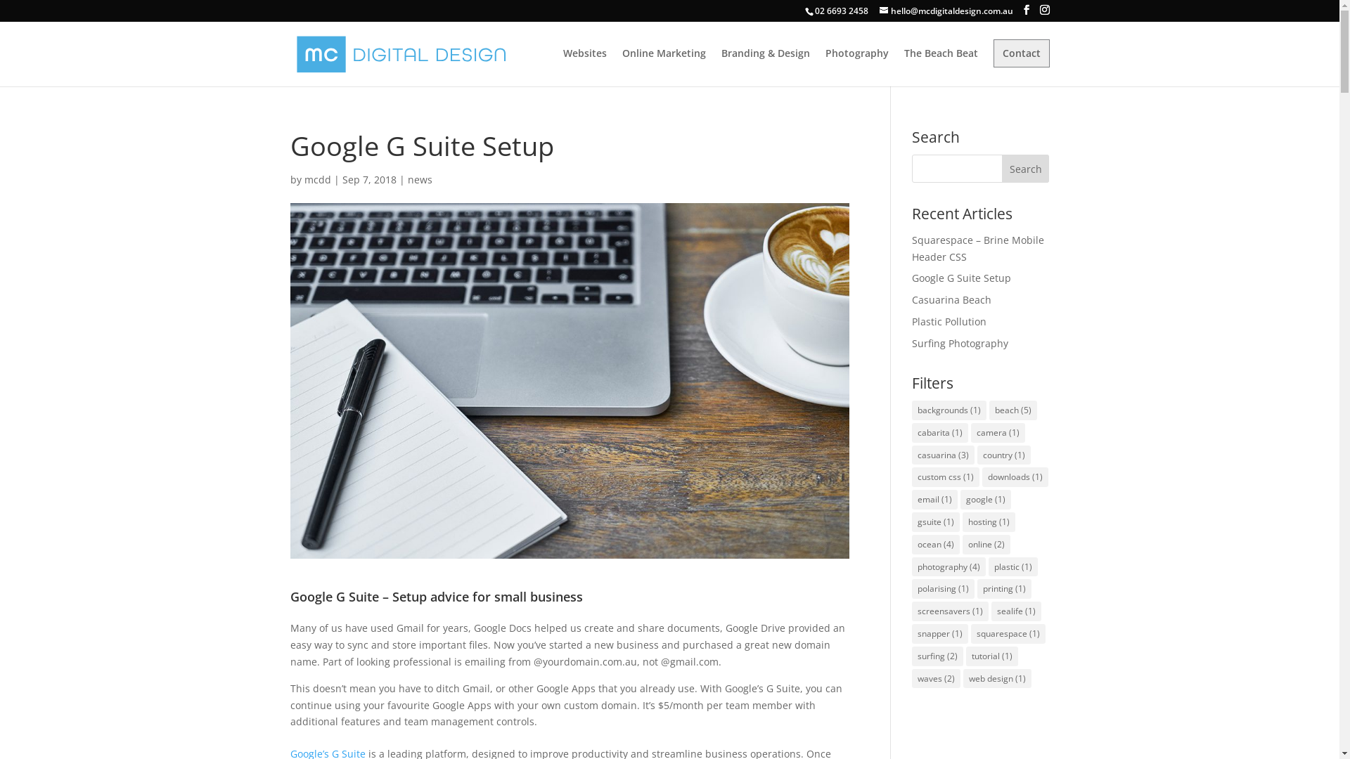 This screenshot has height=759, width=1350. Describe the element at coordinates (959, 343) in the screenshot. I see `'Surfing Photography'` at that location.